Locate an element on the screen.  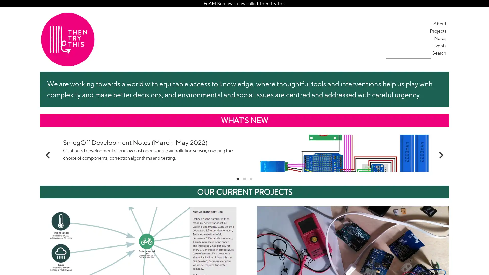
Previous is located at coordinates (48, 170).